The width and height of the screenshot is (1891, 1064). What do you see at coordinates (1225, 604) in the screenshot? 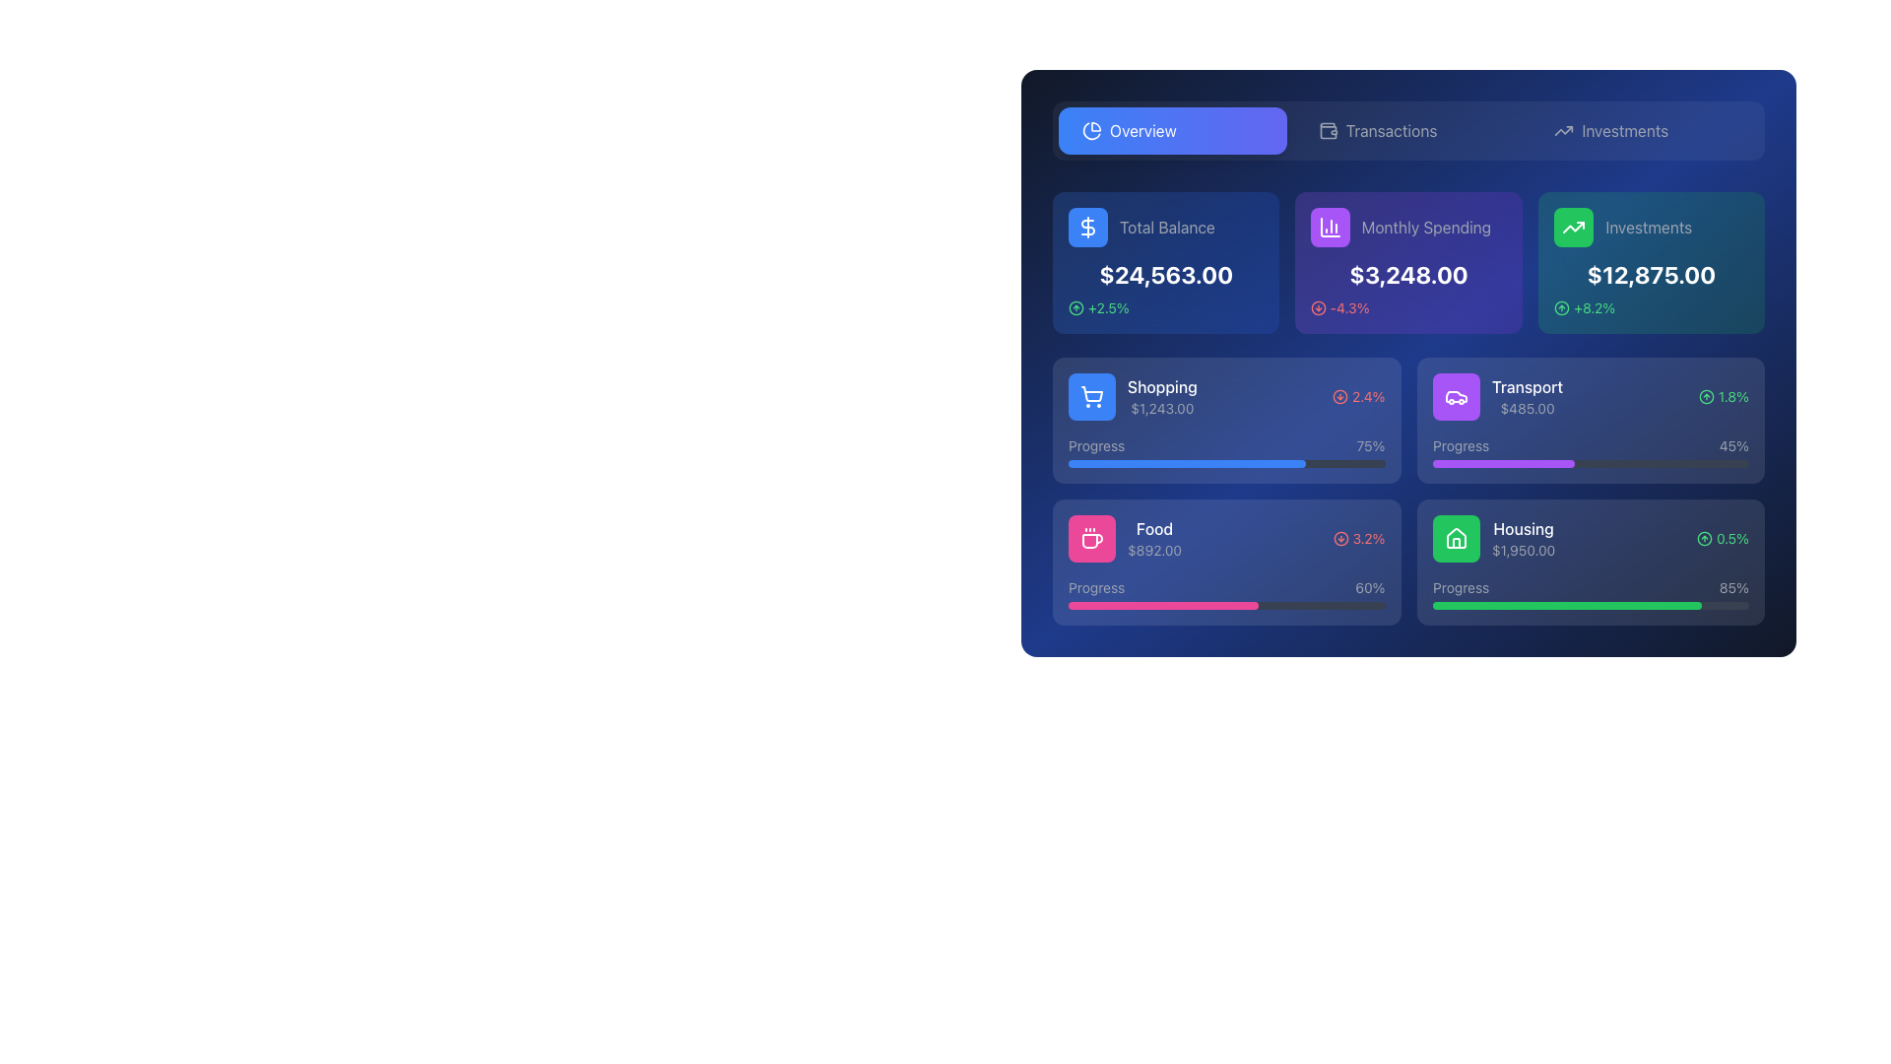
I see `the horizontal progress bar with a pink filled section indicating 60% progress, which is located within the 'Food $892.00' card, below the 'Progress' label` at bounding box center [1225, 604].